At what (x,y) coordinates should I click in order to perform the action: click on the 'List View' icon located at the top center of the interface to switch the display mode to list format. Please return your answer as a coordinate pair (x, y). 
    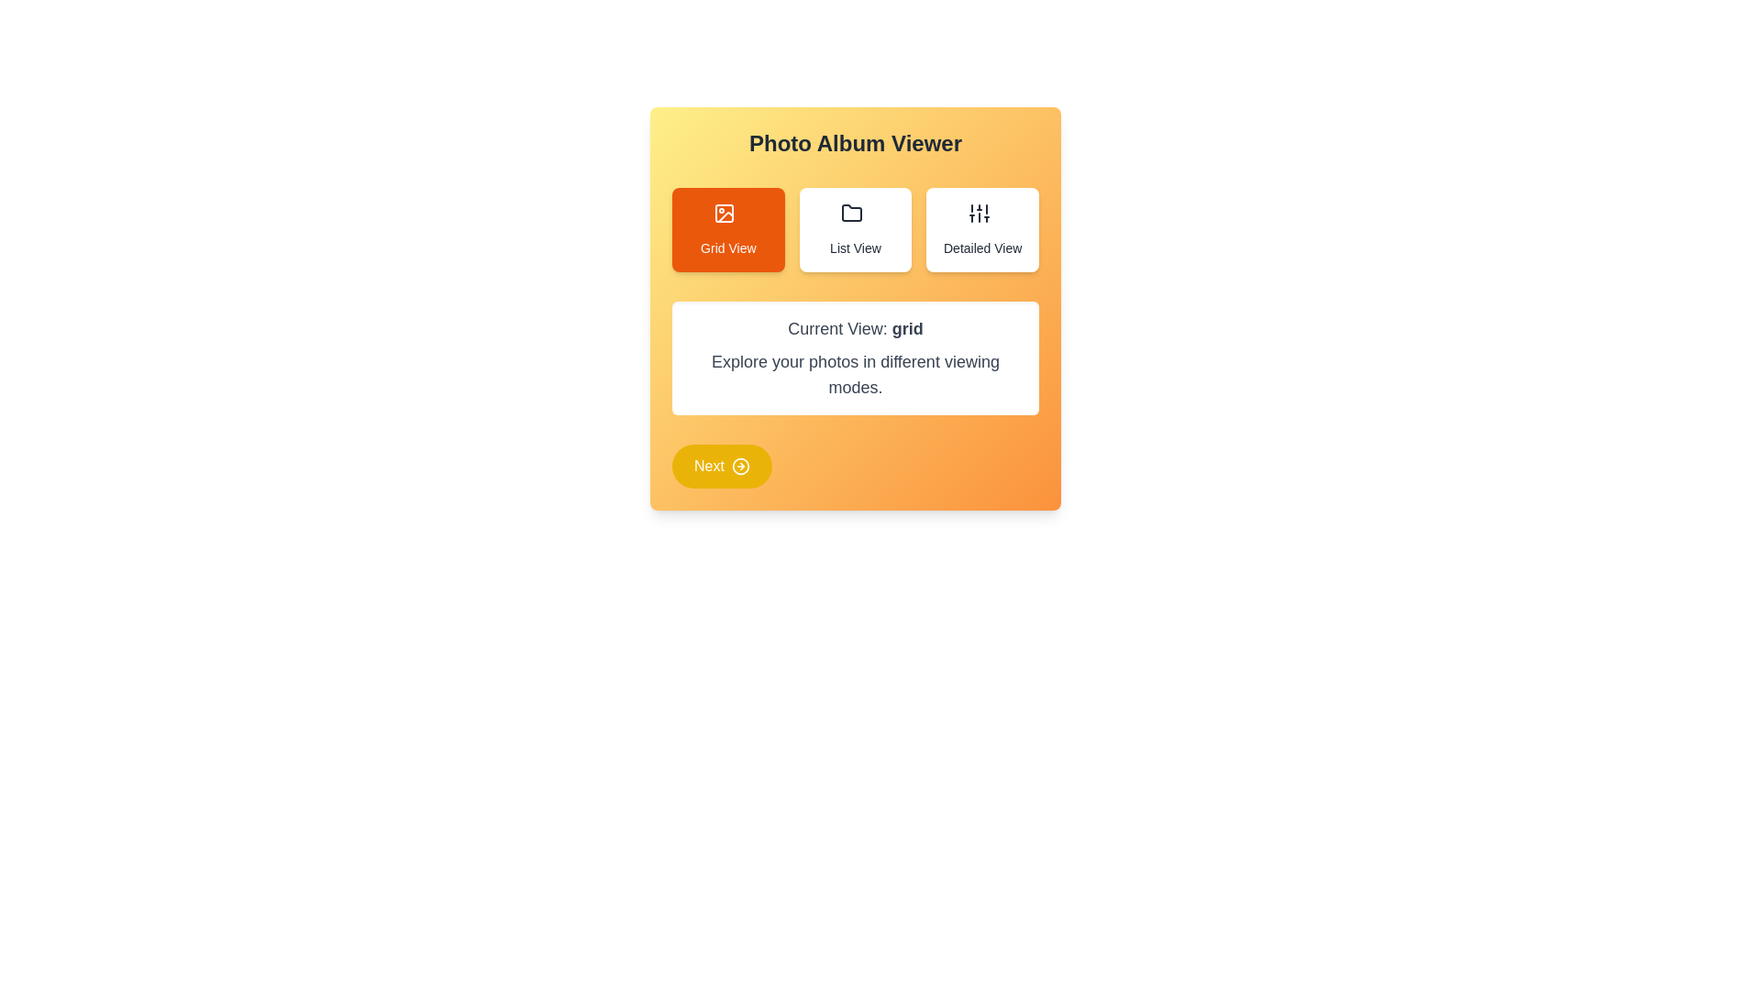
    Looking at the image, I should click on (851, 212).